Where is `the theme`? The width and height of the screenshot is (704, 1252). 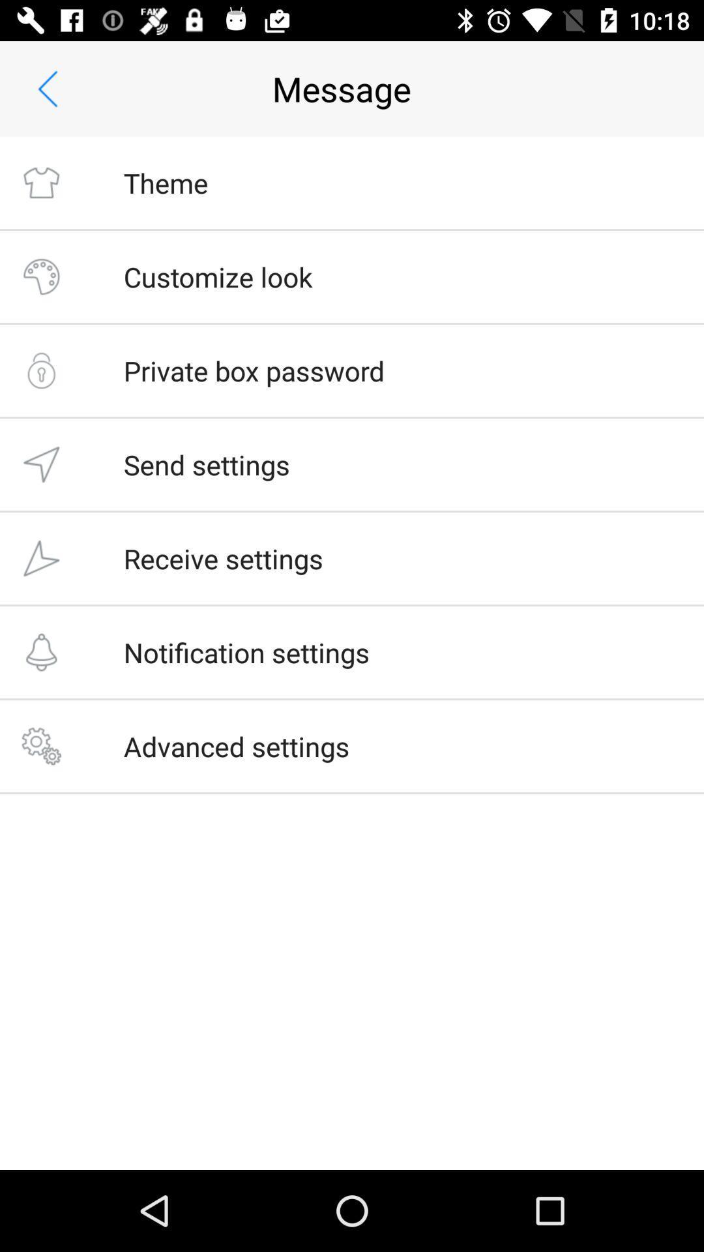
the theme is located at coordinates (165, 182).